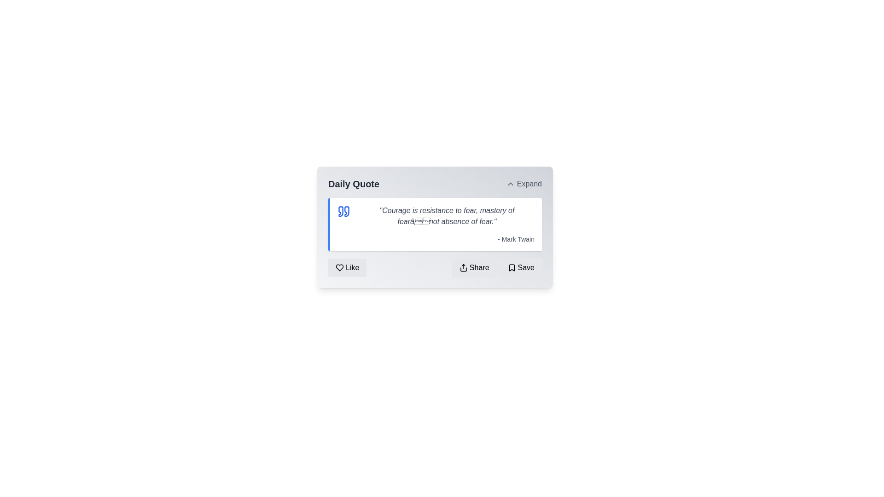  What do you see at coordinates (463, 268) in the screenshot?
I see `the share icon, which is an SVG icon resembling a share symbol with a box and an upward-pointing arrow, located inside the 'Share' button at the bottom center of the card layout containing the 'Daily Quote'` at bounding box center [463, 268].